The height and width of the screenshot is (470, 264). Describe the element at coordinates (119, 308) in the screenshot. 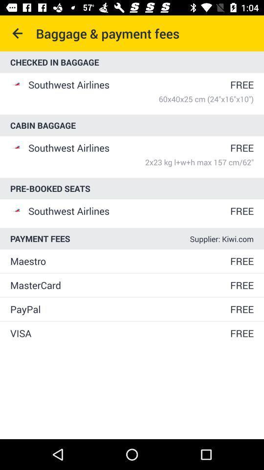

I see `the icon below mastercard` at that location.